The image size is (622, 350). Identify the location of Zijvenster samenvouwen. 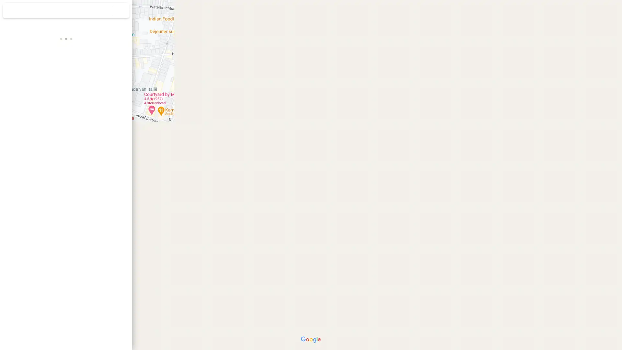
(135, 175).